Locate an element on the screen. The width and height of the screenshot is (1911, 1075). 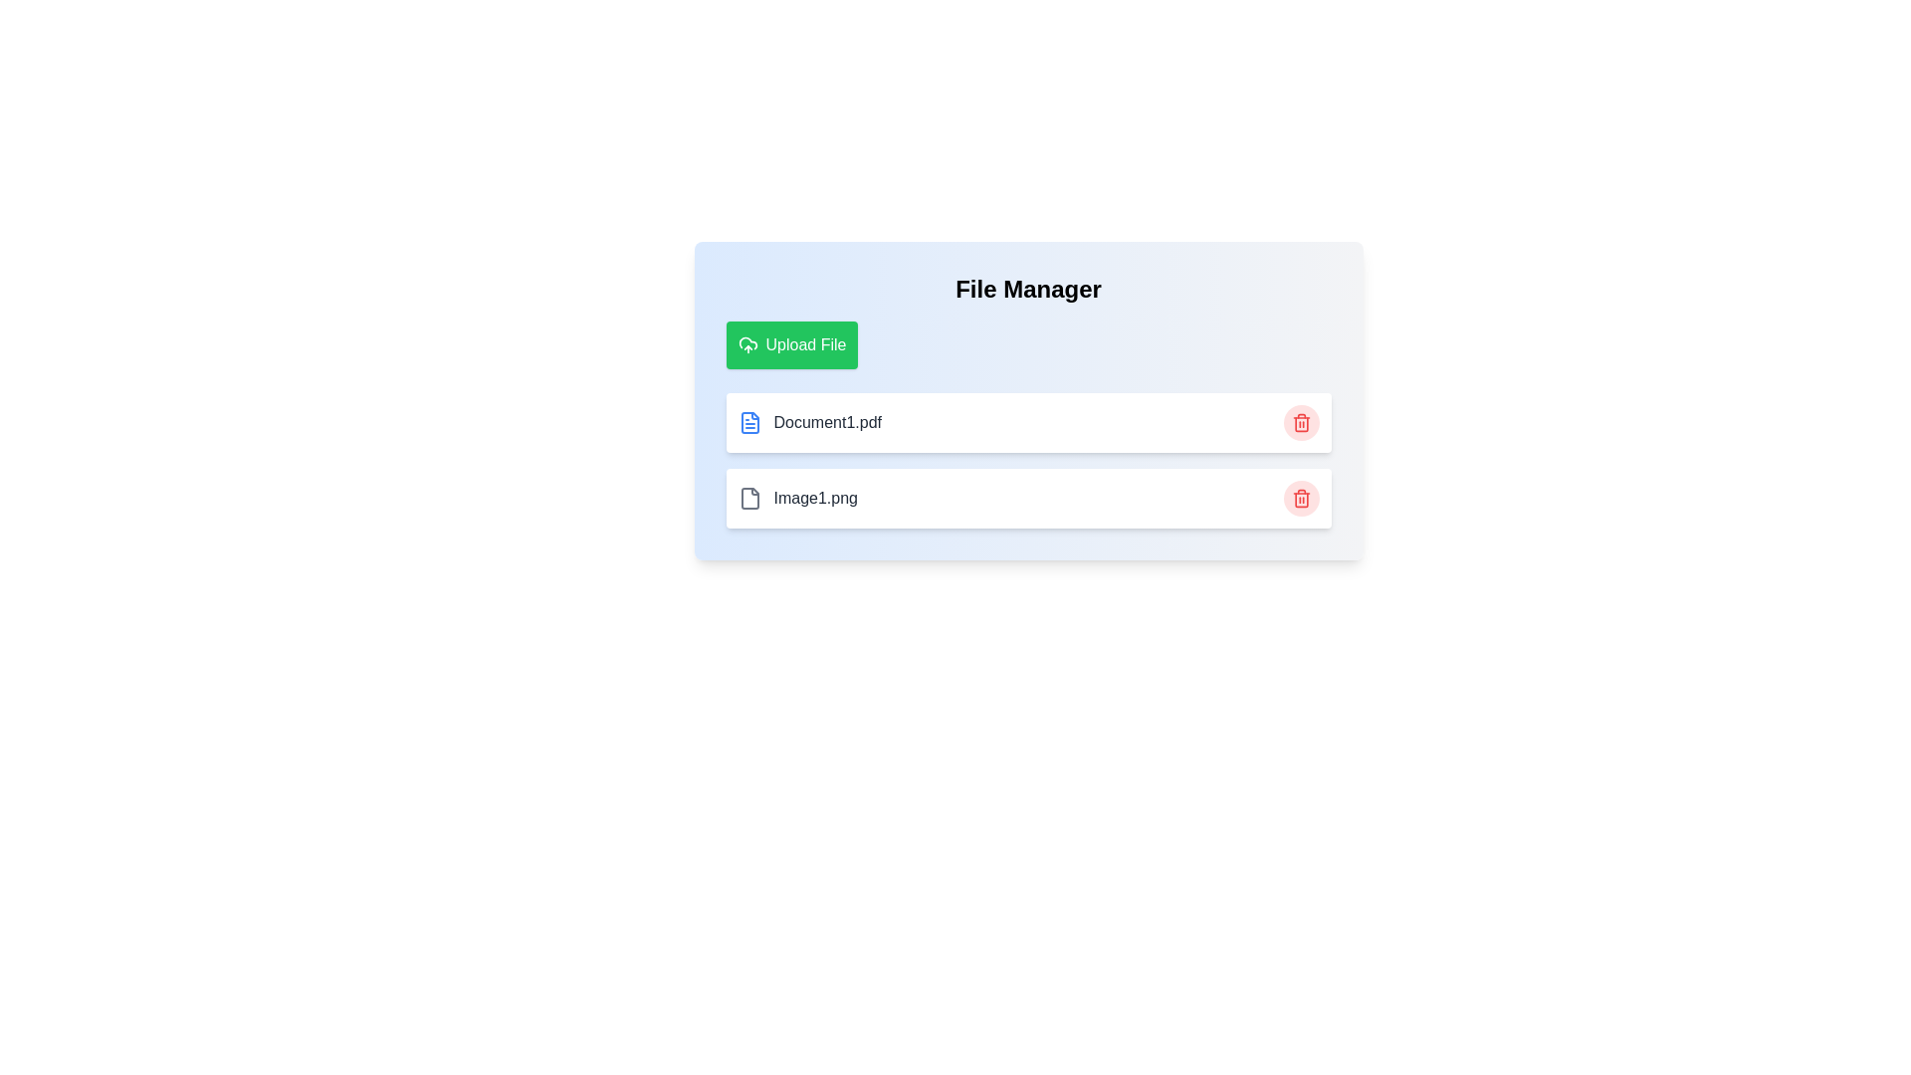
the rectangular icon resembling a file document with a white background and blue border outline, located on the left side of the first file row in the file manager interface is located at coordinates (748, 421).